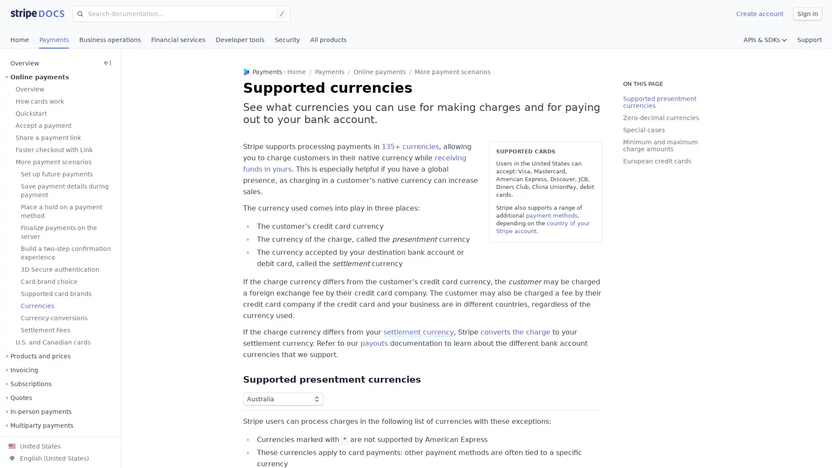 This screenshot has height=468, width=832. I want to click on APIs & SDKs, so click(765, 40).